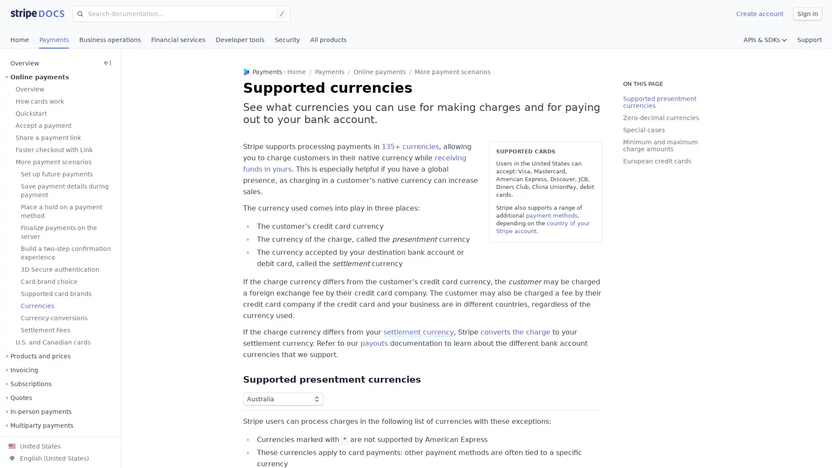 This screenshot has height=468, width=832. I want to click on APIs & SDKs, so click(765, 40).